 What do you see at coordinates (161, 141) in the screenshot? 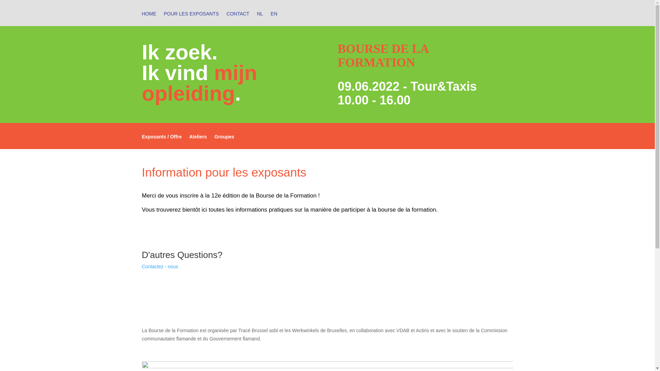
I see `'Exposants / Offre'` at bounding box center [161, 141].